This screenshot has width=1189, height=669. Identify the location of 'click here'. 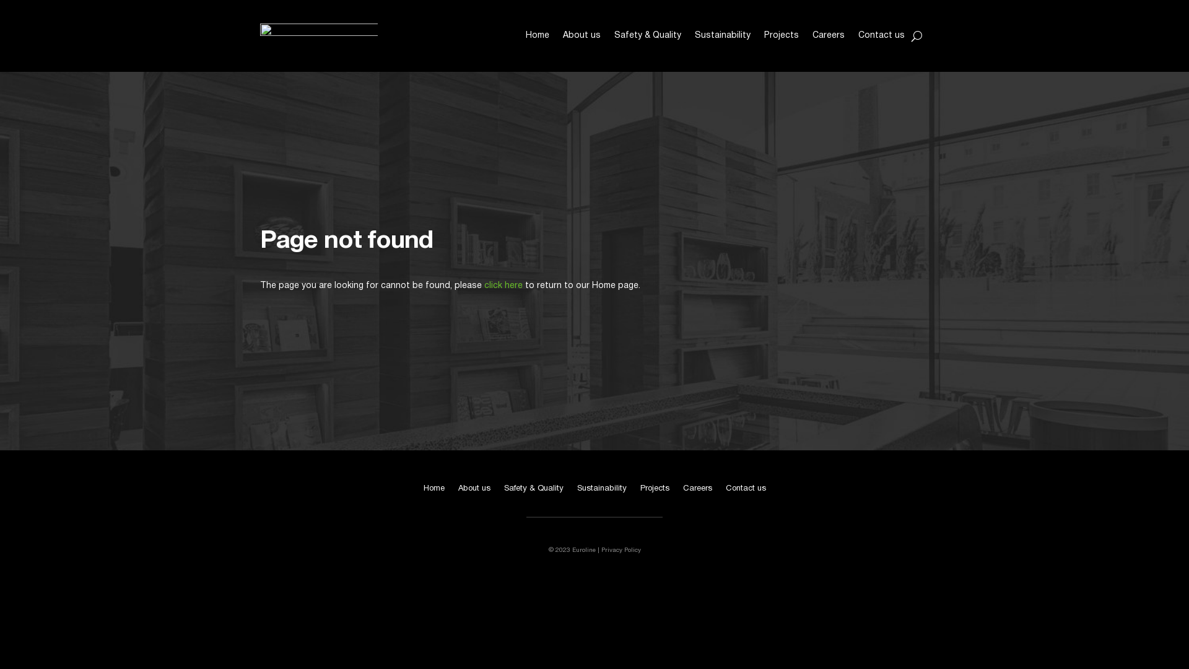
(503, 286).